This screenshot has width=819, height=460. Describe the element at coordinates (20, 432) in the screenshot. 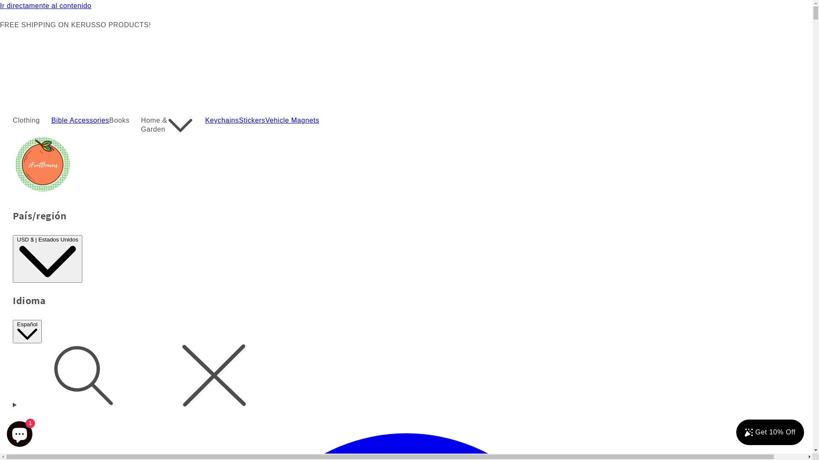

I see `'Chat de la tienda online Shopify'` at that location.